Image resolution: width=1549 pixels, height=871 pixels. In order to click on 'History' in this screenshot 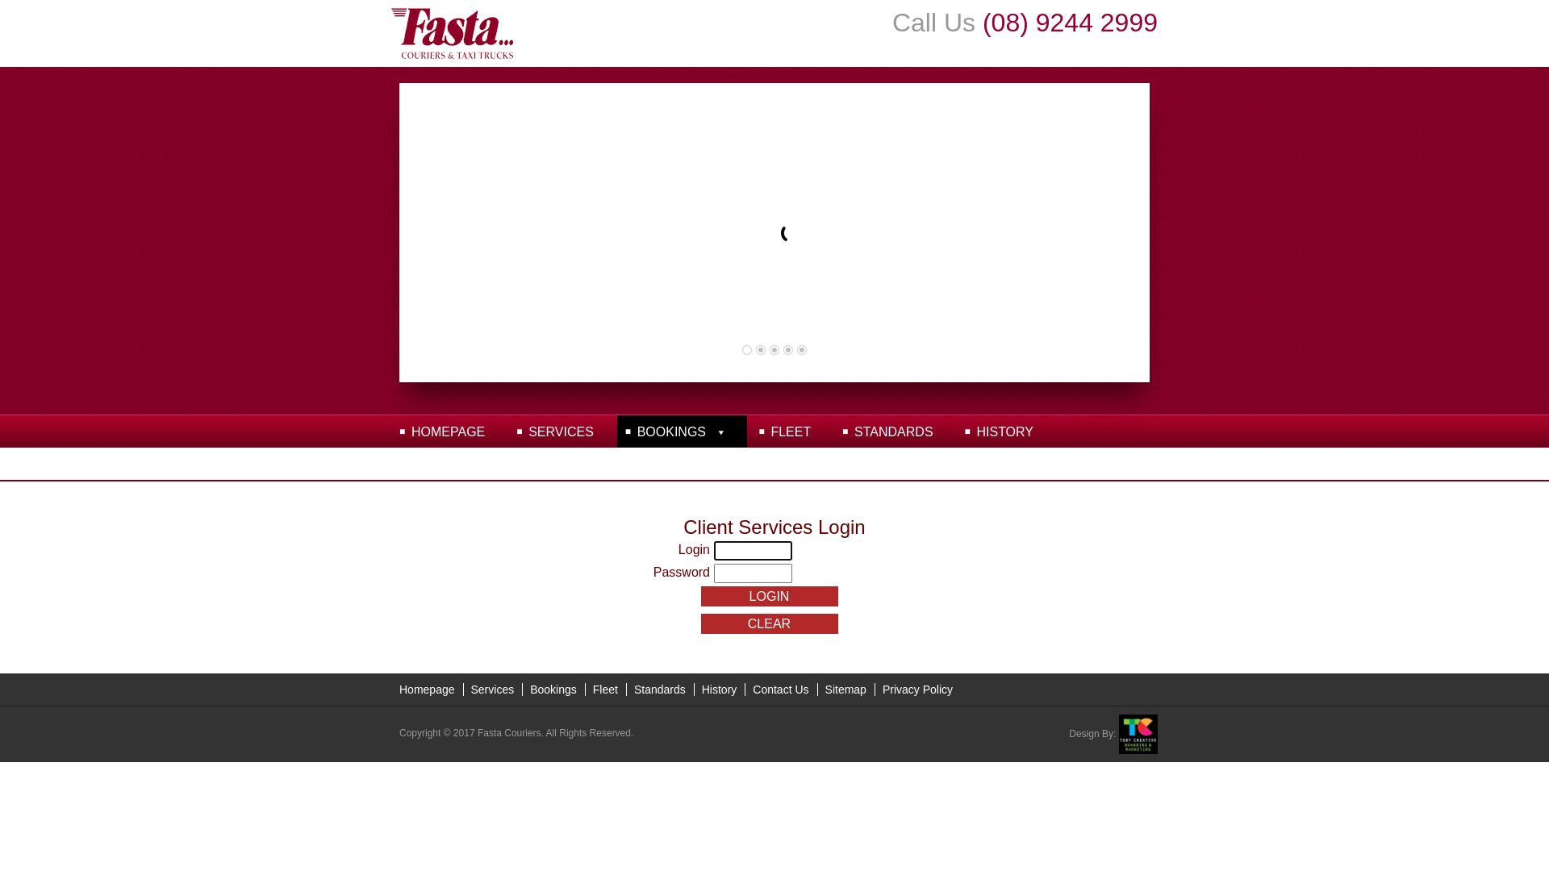, I will do `click(719, 690)`.